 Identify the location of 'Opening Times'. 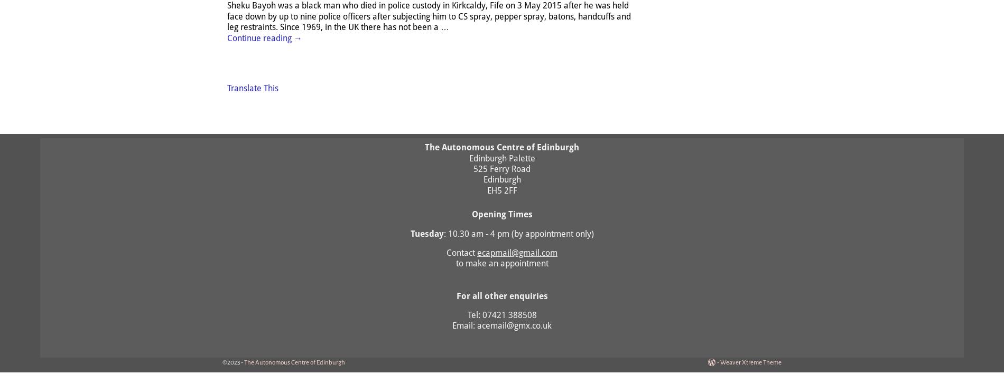
(501, 214).